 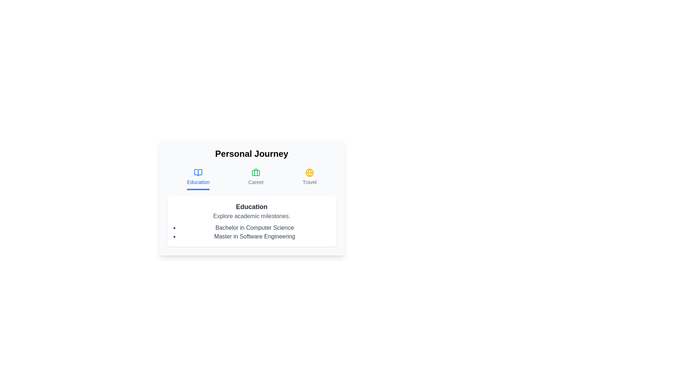 I want to click on the blue open book icon, which is the leftmost icon in the row labeled 'Education,' 'Career,' and 'Travel' under 'Personal Journey.', so click(x=198, y=172).